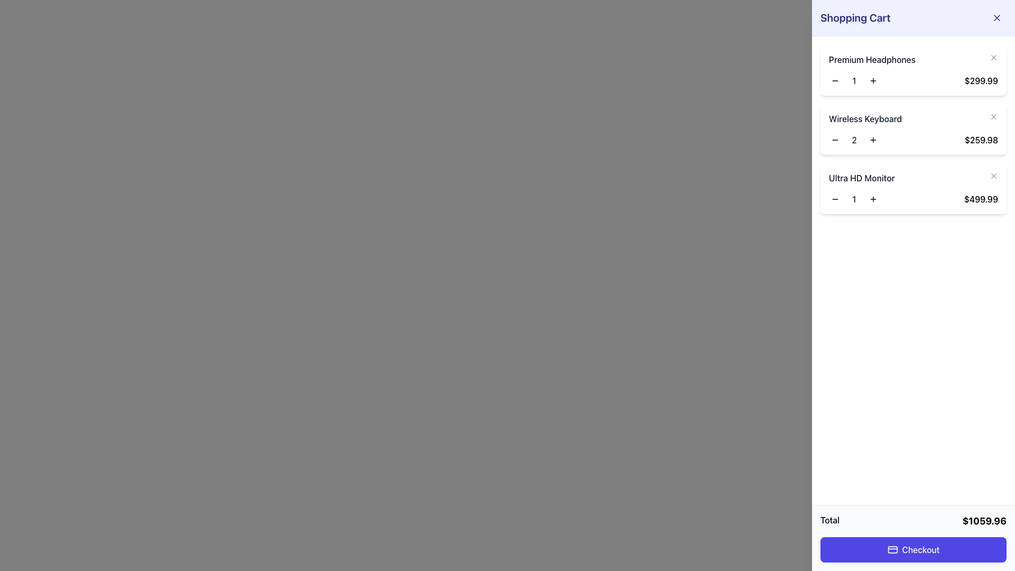  Describe the element at coordinates (913, 549) in the screenshot. I see `the prominent rectangular 'Checkout' button with a purple background and bold white text located at the bottom center of the summary panel to proceed to checkout` at that location.